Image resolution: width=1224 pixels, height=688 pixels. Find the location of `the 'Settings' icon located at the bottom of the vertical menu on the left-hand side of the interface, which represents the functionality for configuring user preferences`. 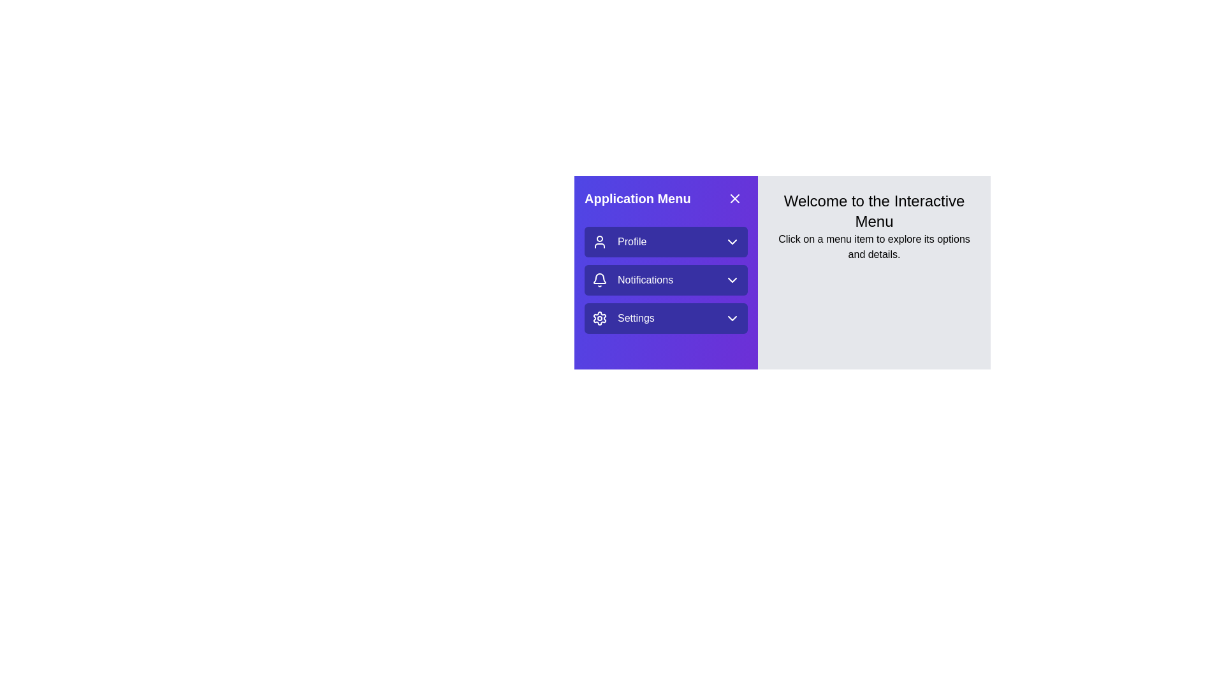

the 'Settings' icon located at the bottom of the vertical menu on the left-hand side of the interface, which represents the functionality for configuring user preferences is located at coordinates (599, 318).